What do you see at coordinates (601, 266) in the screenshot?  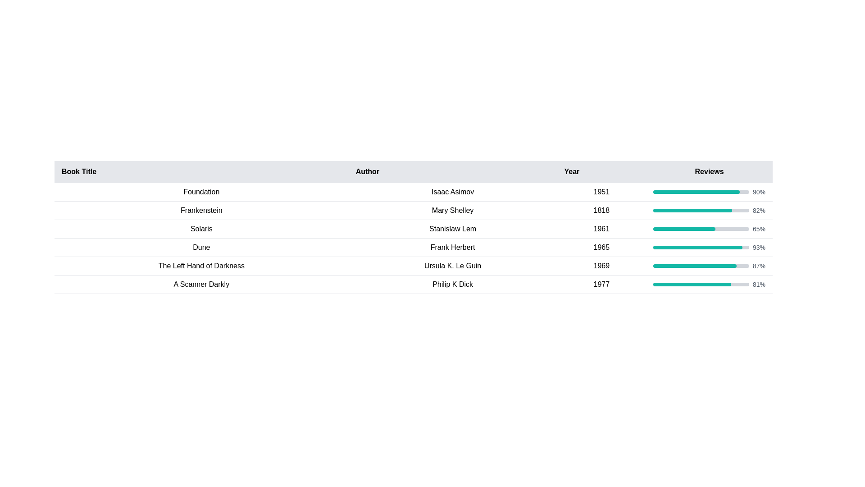 I see `text component displaying the year '1969' in the 'Year' column of the table for the book 'The Left Hand of Darkness.'` at bounding box center [601, 266].